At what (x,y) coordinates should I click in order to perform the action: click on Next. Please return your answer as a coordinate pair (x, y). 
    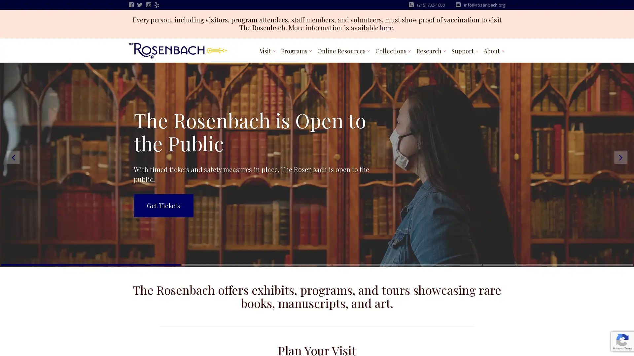
    Looking at the image, I should click on (620, 159).